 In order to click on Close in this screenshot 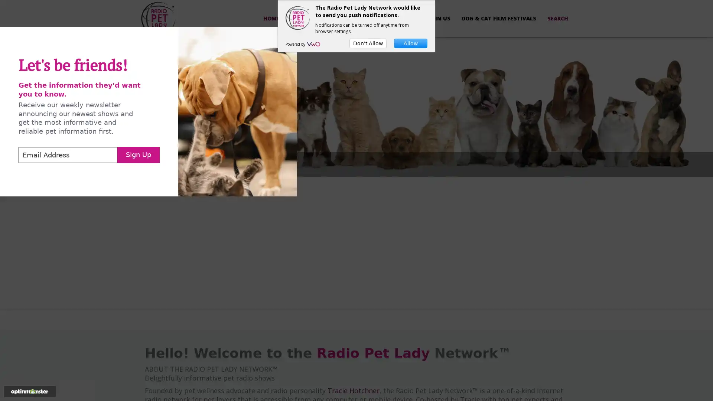, I will do `click(496, 124)`.